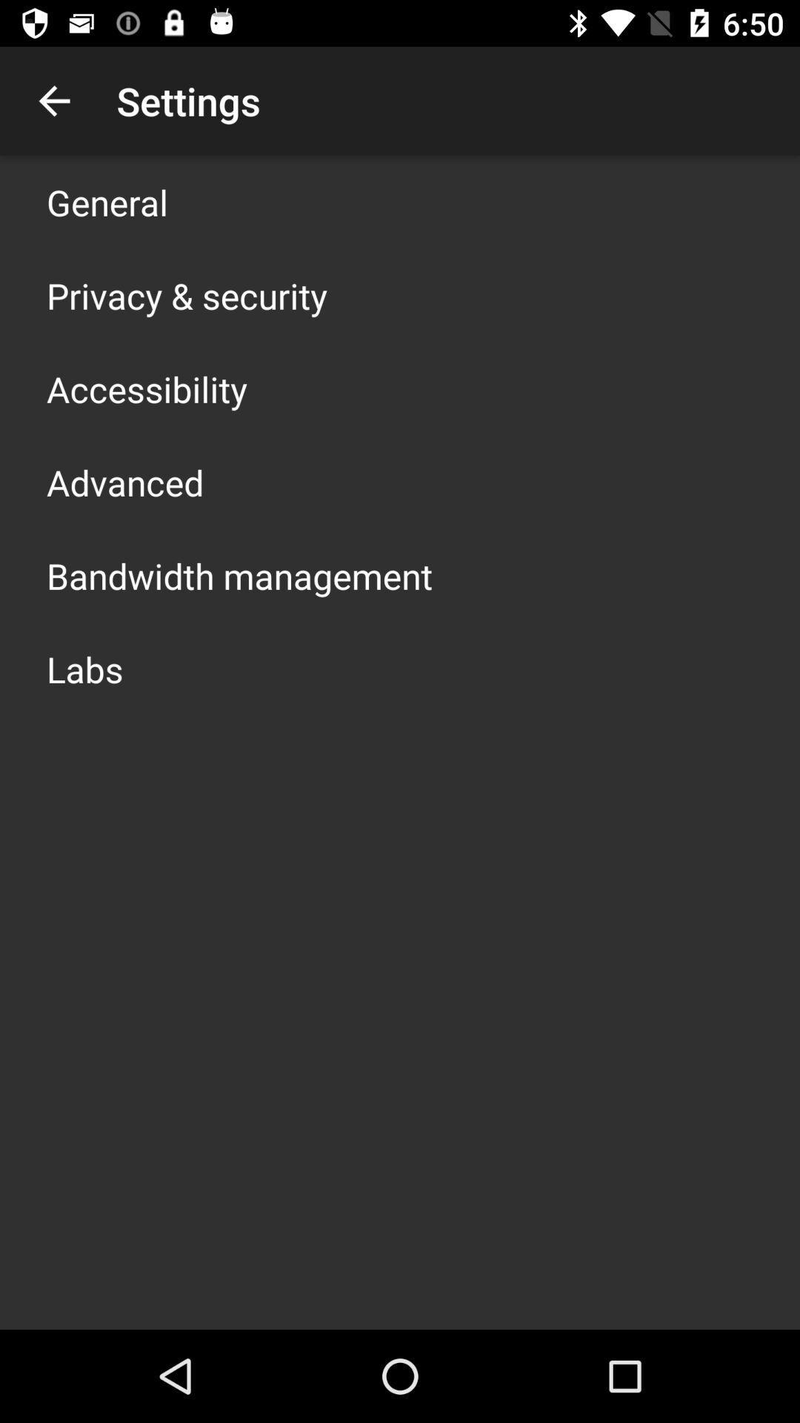 The width and height of the screenshot is (800, 1423). What do you see at coordinates (53, 100) in the screenshot?
I see `the item next to the settings app` at bounding box center [53, 100].